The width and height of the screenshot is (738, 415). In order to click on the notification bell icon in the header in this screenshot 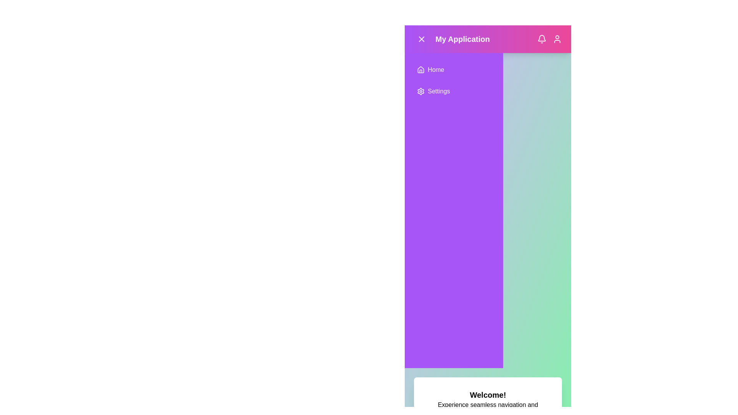, I will do `click(542, 39)`.